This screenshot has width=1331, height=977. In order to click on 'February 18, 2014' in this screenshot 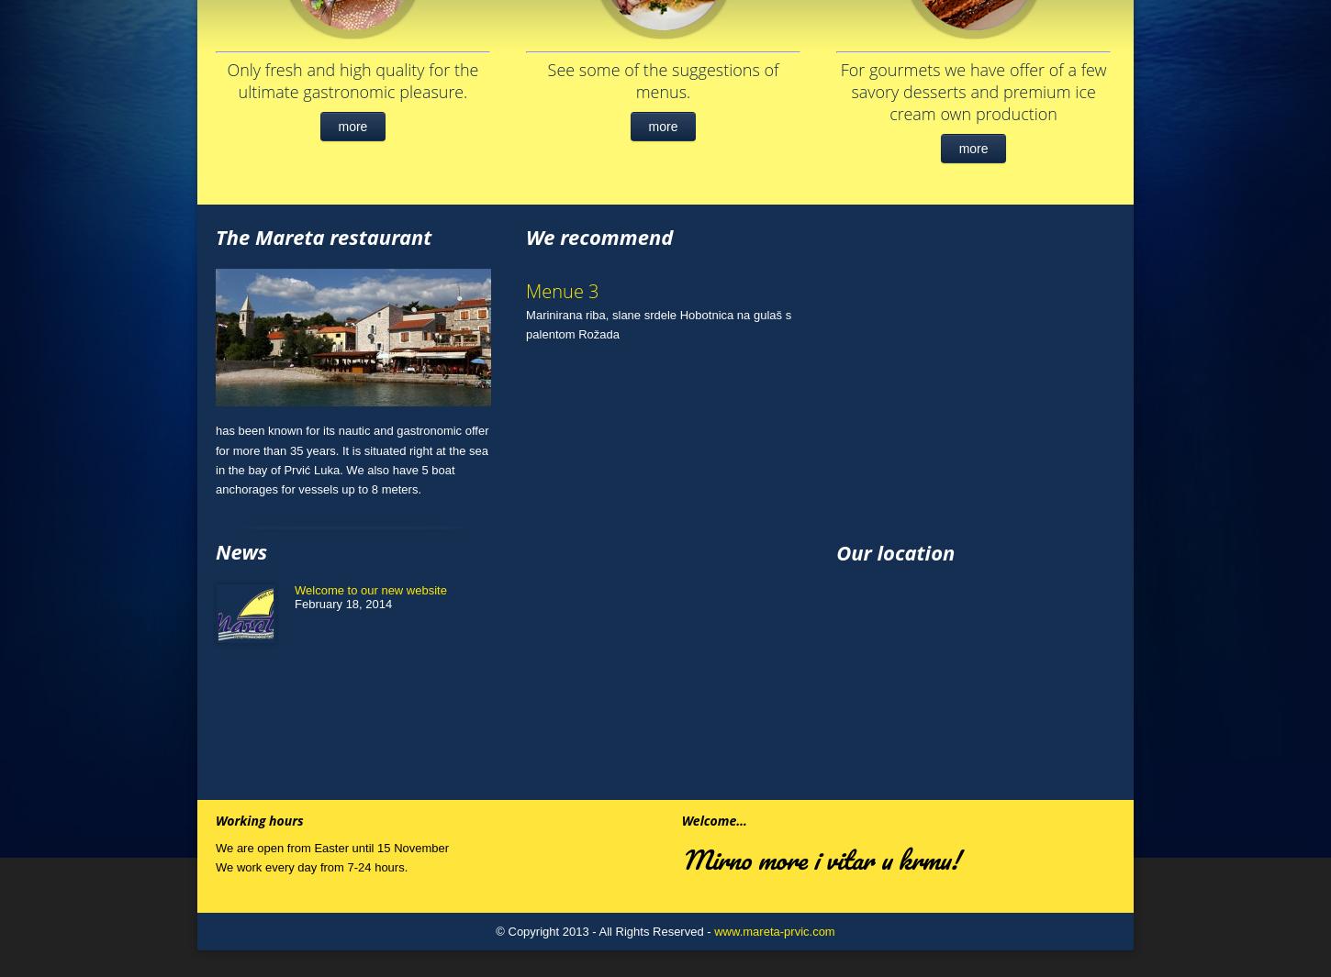, I will do `click(341, 604)`.